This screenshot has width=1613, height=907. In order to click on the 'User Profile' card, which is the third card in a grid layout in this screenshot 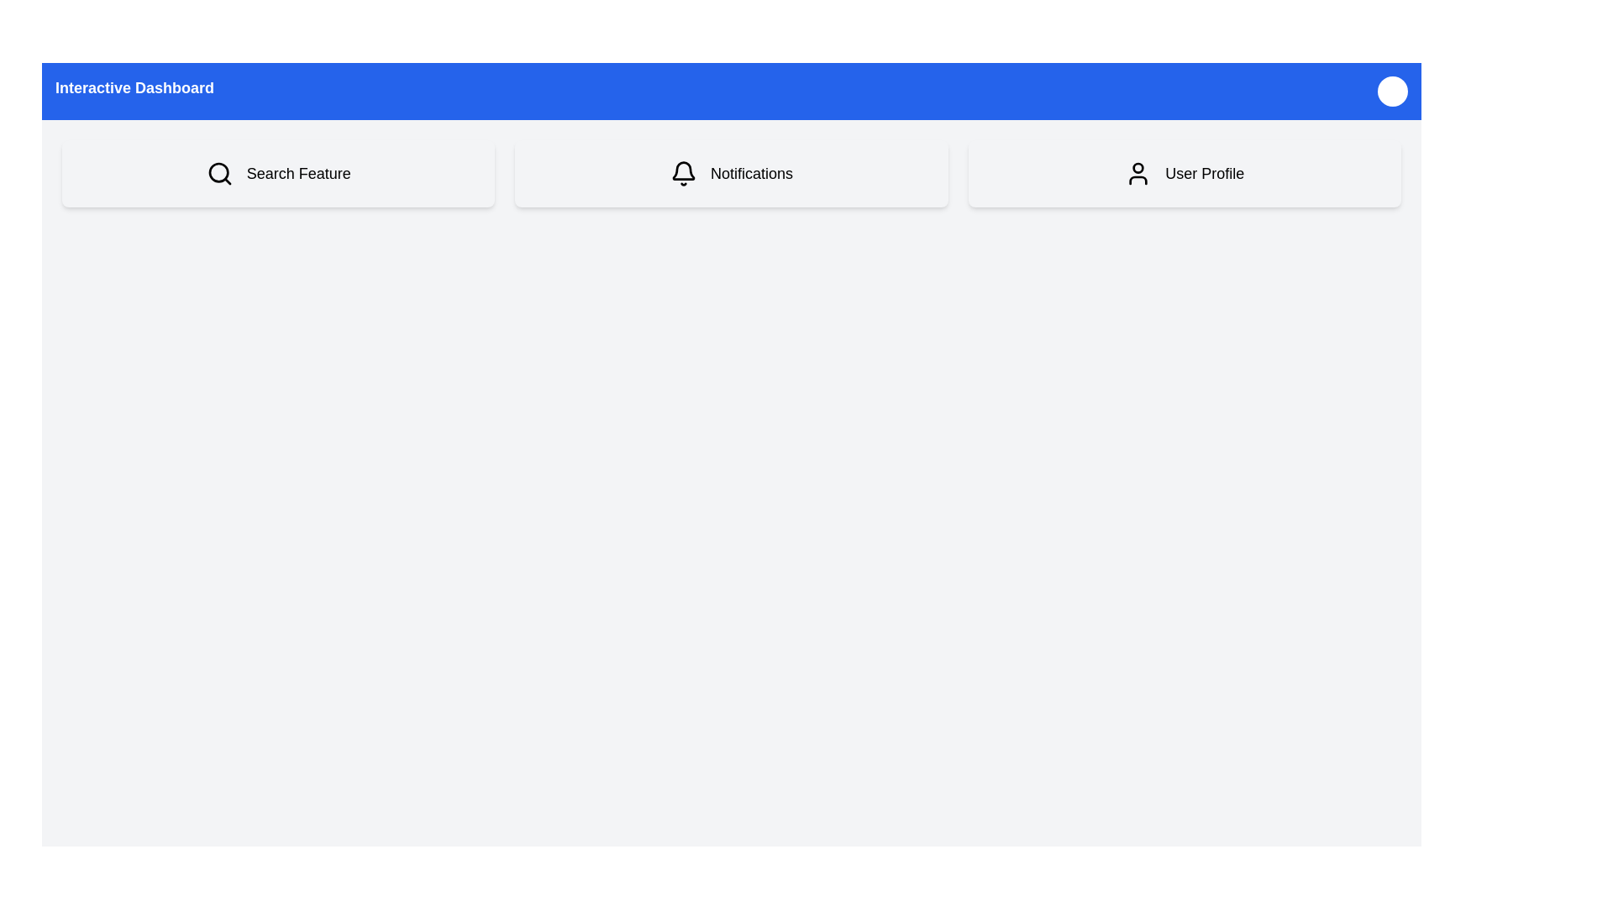, I will do `click(1184, 174)`.